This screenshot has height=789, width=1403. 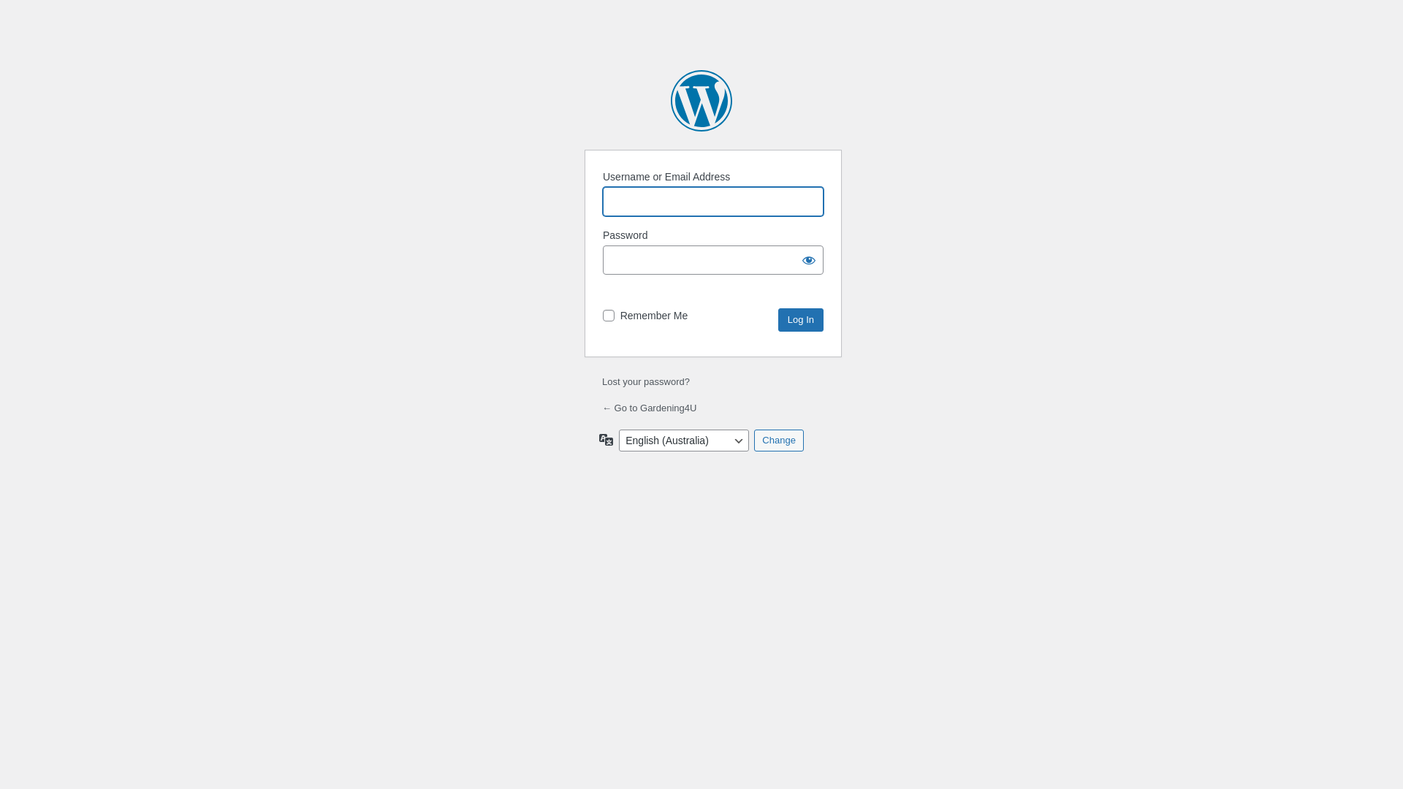 I want to click on 'Powered by WordPress', so click(x=701, y=100).